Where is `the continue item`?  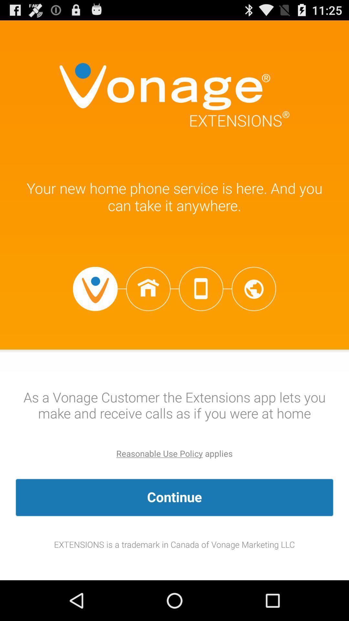
the continue item is located at coordinates (174, 497).